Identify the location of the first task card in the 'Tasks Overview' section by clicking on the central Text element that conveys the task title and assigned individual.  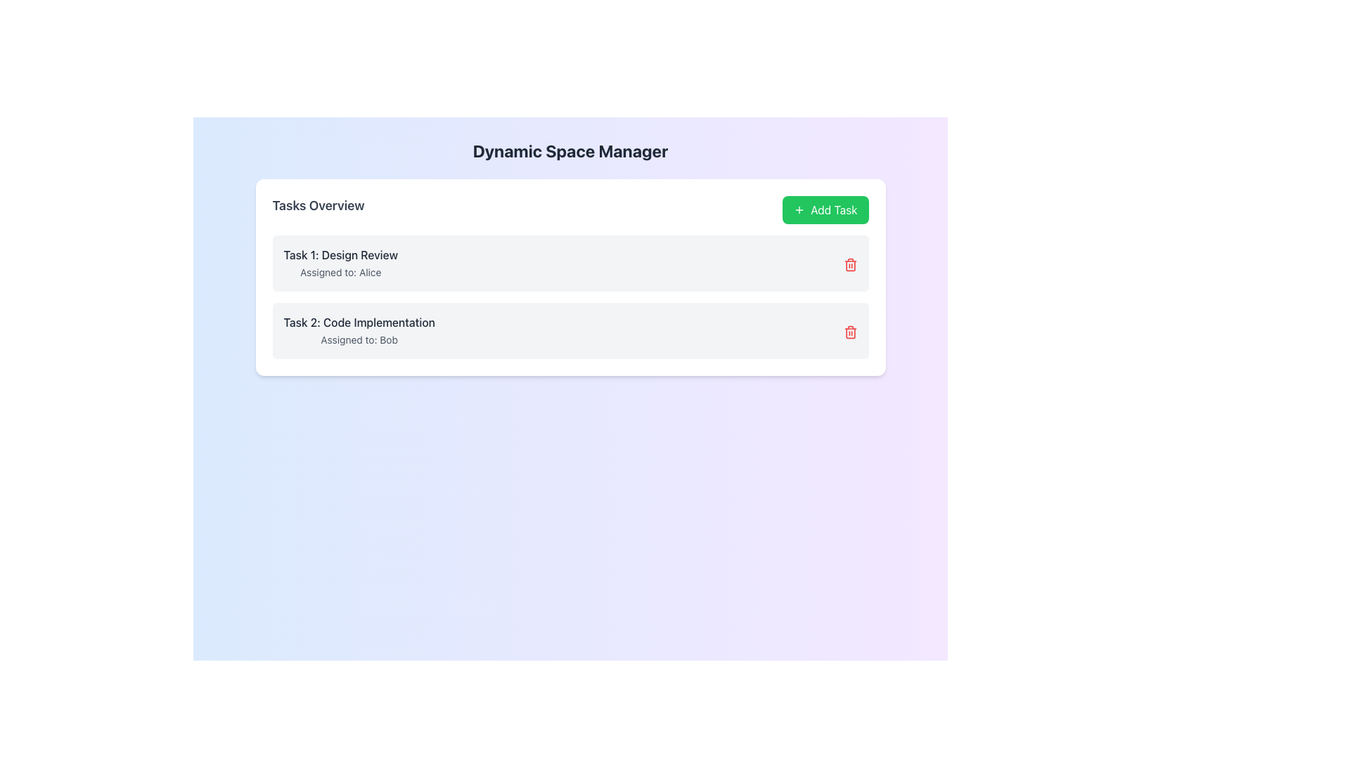
(340, 263).